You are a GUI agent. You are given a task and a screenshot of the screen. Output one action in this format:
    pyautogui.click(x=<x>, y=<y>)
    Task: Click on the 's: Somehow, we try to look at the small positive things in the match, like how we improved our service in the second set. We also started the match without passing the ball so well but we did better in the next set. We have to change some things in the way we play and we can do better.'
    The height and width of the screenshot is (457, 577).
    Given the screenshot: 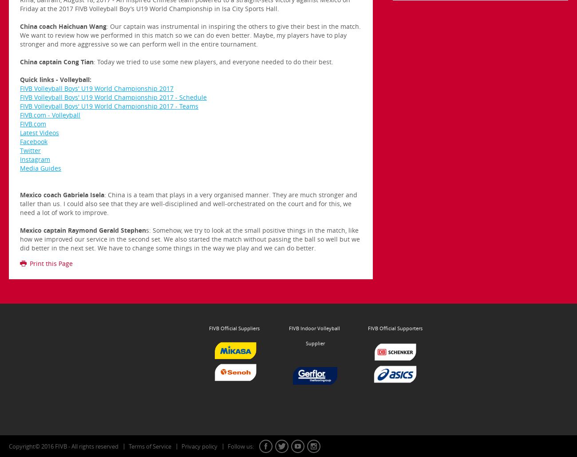 What is the action you would take?
    pyautogui.click(x=190, y=238)
    